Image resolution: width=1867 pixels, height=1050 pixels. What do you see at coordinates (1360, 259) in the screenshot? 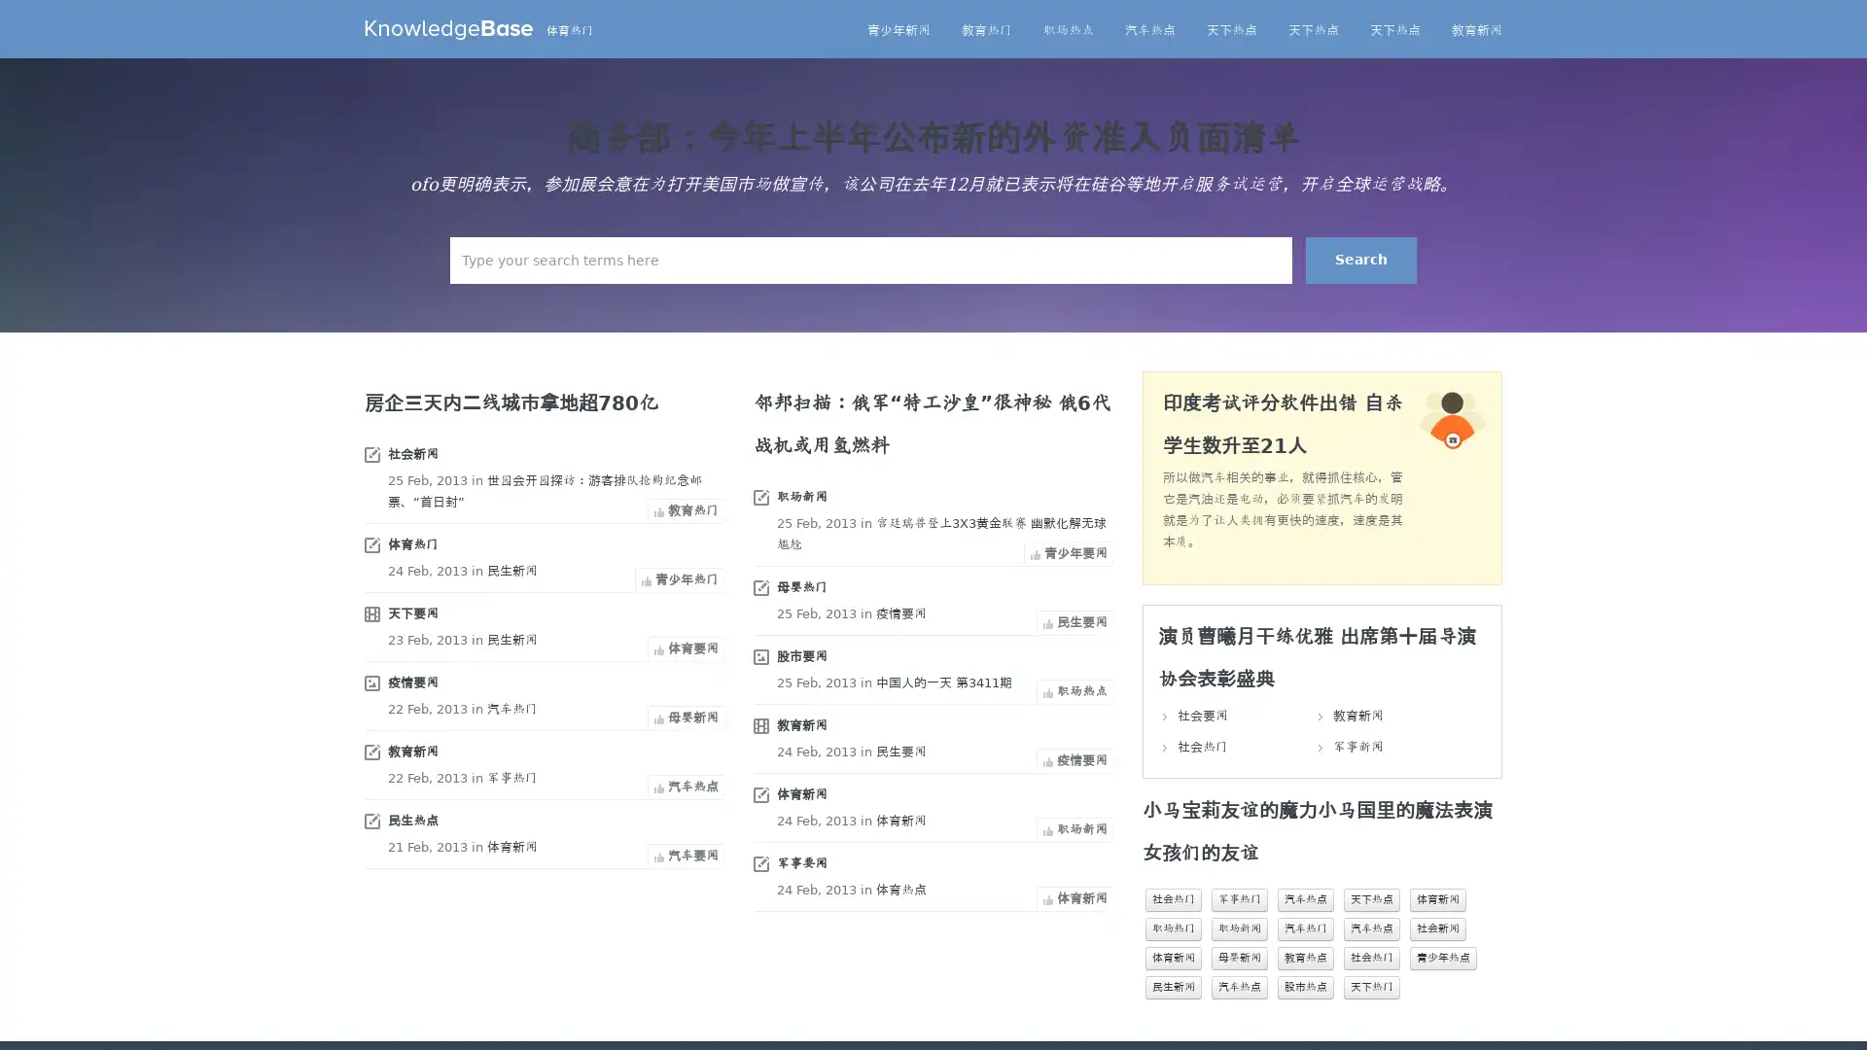
I see `Search` at bounding box center [1360, 259].